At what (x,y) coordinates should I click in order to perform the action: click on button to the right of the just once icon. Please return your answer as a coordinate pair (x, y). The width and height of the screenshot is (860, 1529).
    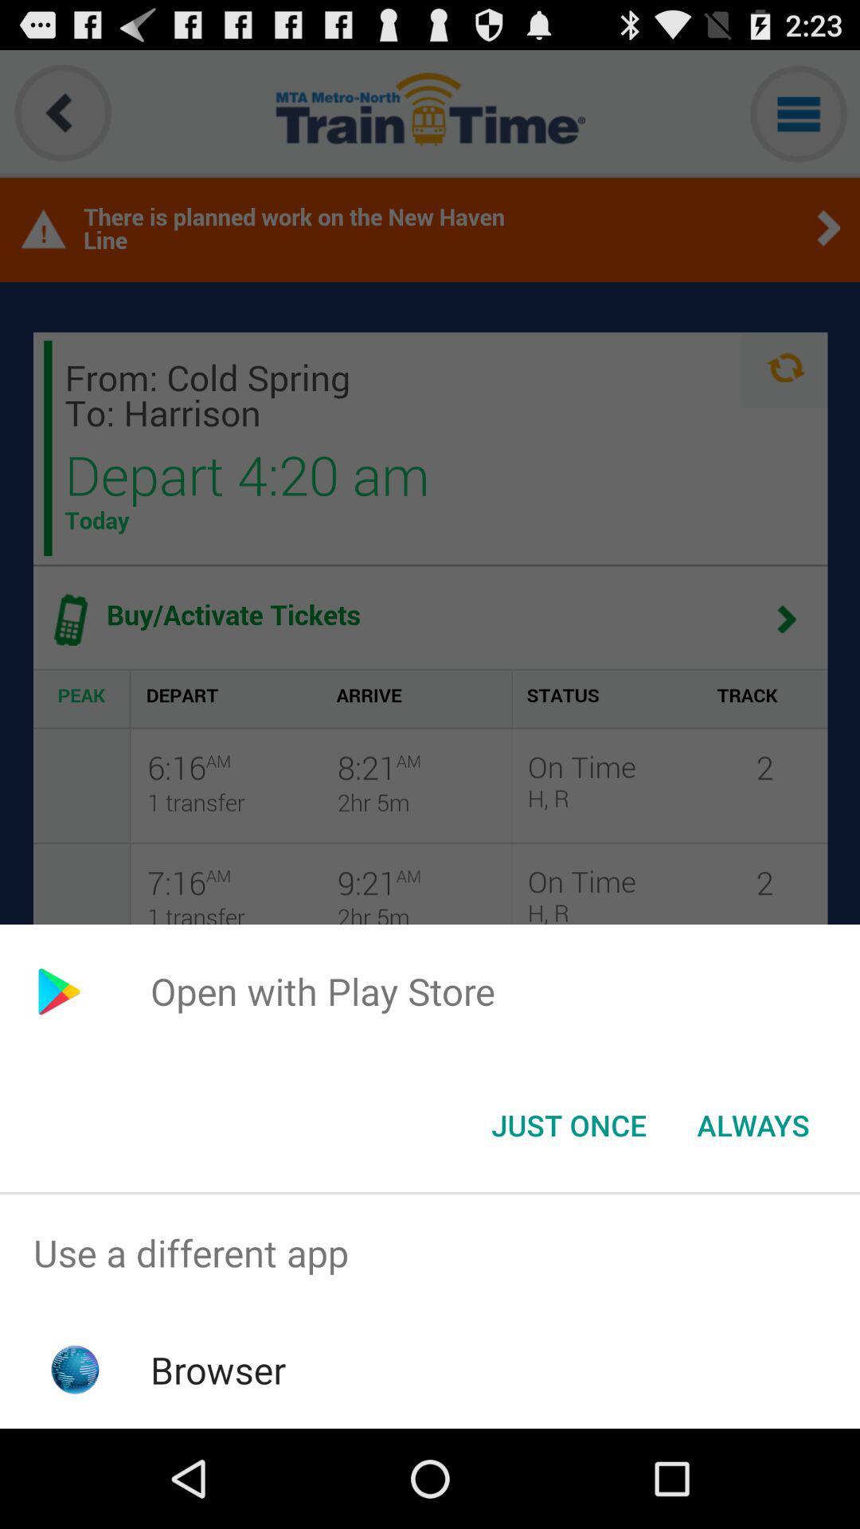
    Looking at the image, I should click on (752, 1124).